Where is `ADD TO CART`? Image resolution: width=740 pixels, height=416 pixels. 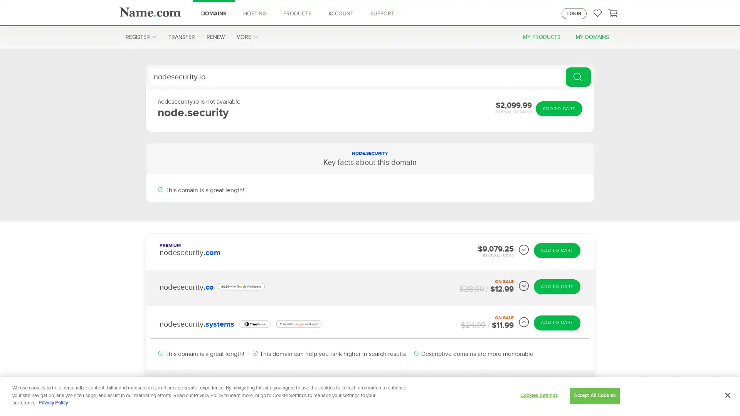
ADD TO CART is located at coordinates (557, 250).